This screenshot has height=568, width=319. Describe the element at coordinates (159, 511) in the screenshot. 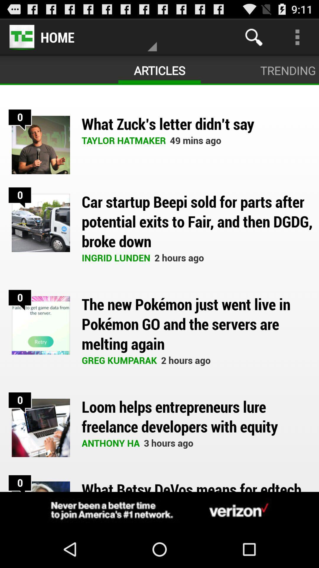

I see `advertisement page` at that location.